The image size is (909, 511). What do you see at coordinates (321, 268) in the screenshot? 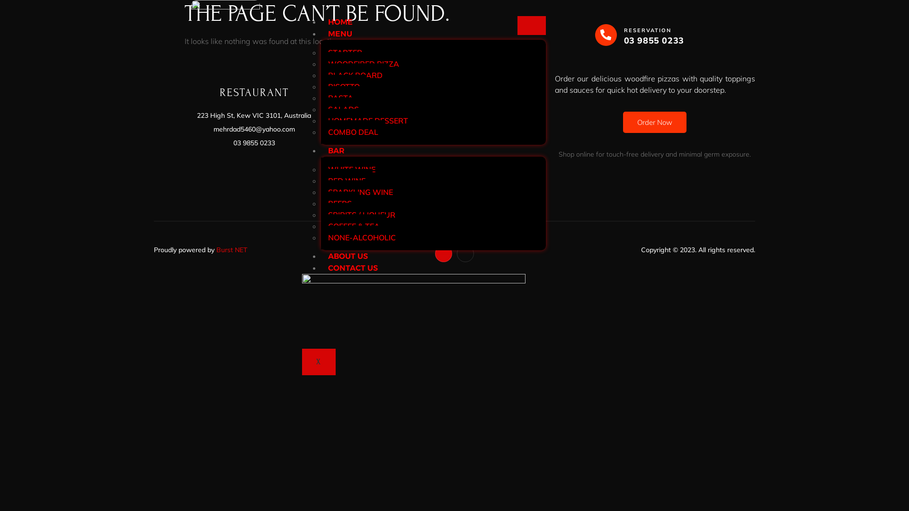
I see `'CONTACT US'` at bounding box center [321, 268].